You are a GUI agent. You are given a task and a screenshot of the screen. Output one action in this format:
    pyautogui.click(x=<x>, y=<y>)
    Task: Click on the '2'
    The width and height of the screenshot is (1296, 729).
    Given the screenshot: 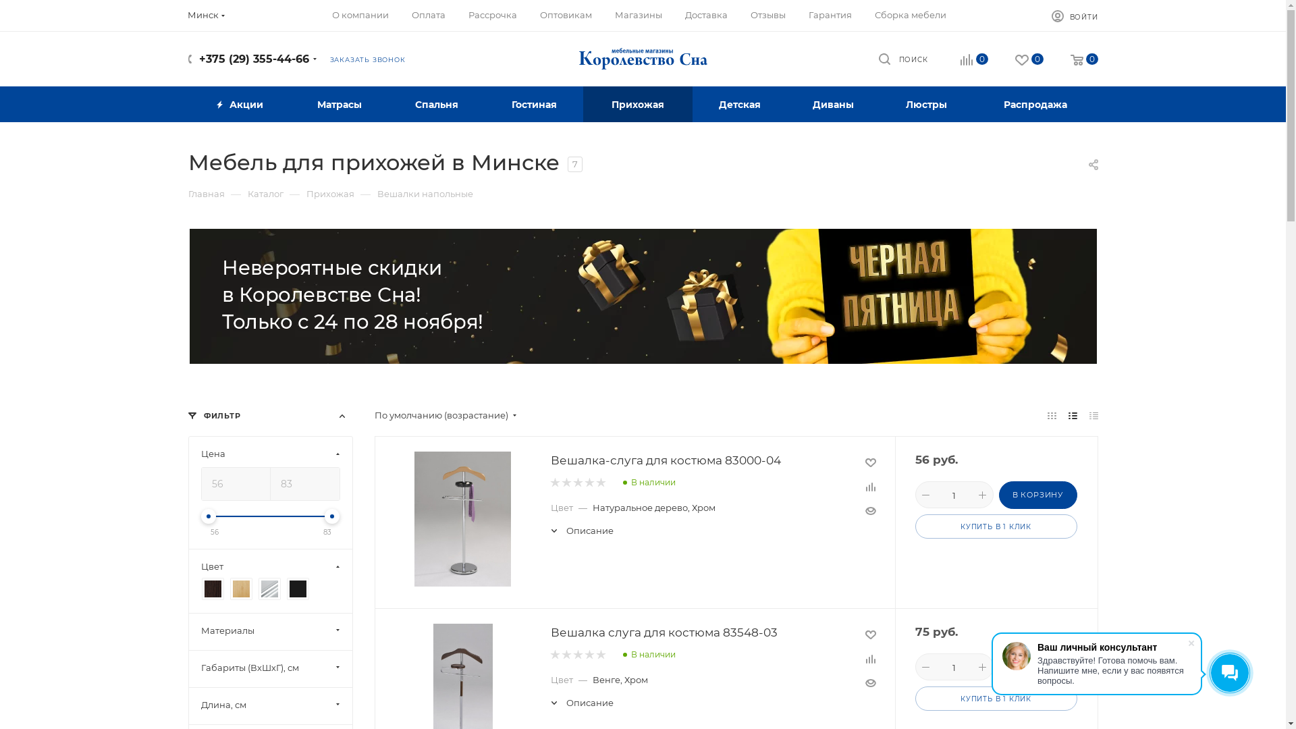 What is the action you would take?
    pyautogui.click(x=566, y=482)
    